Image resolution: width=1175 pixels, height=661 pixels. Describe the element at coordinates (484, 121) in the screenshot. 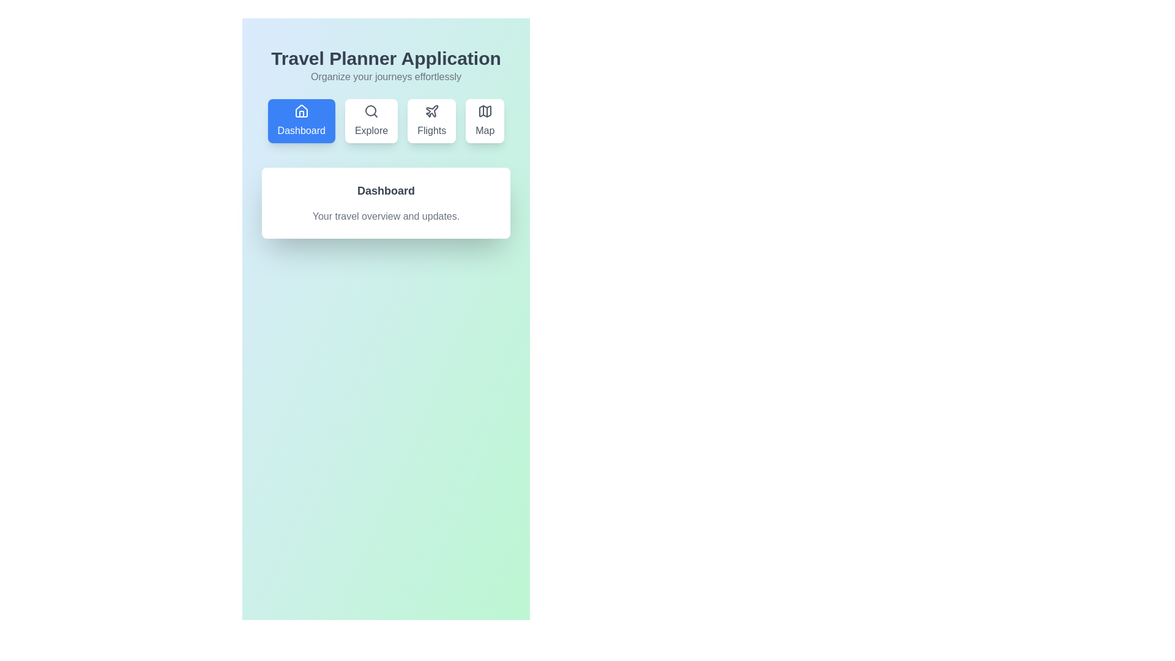

I see `the Map tab to select it` at that location.